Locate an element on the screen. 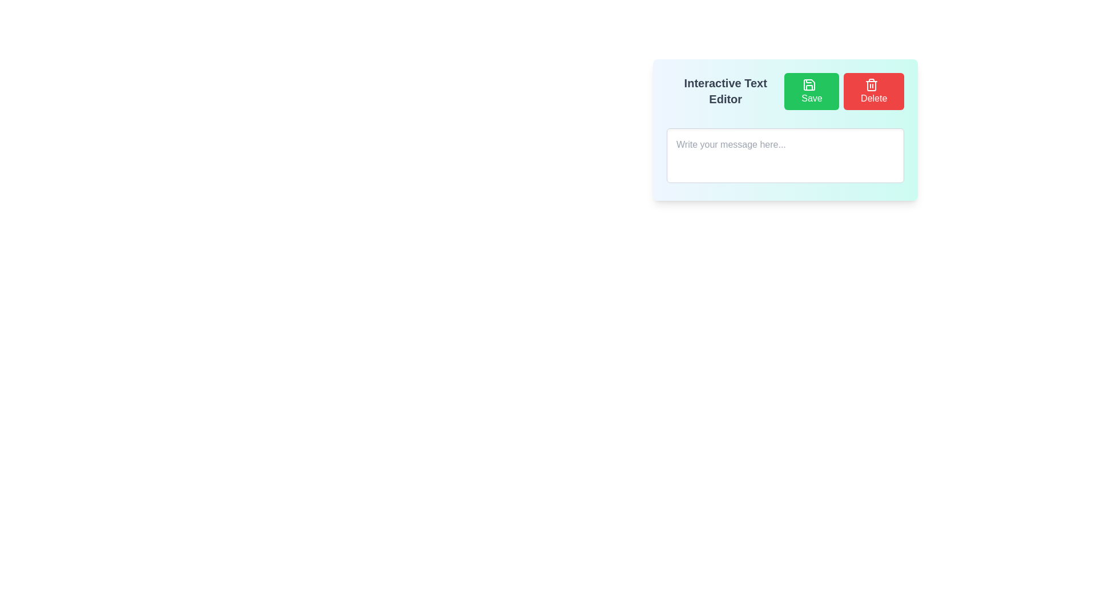 This screenshot has height=616, width=1096. the delete button located to the right of the green 'Save' button at the top of the card interface is located at coordinates (873, 91).